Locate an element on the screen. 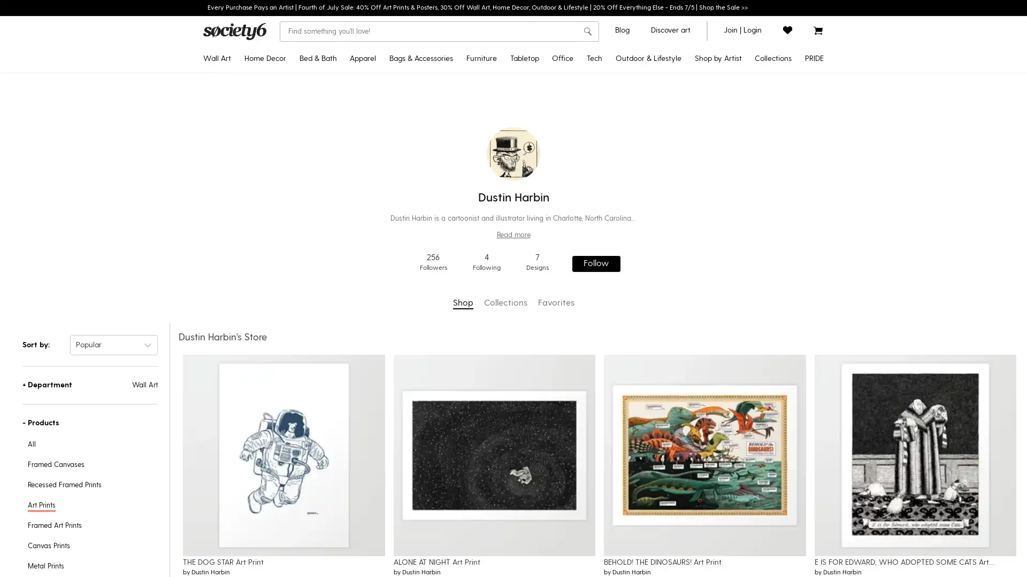  V-Neck T-Shirts is located at coordinates (396, 171).